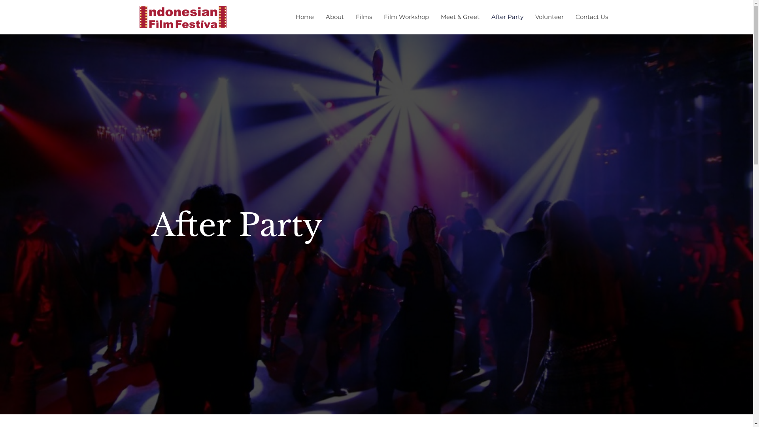 This screenshot has height=427, width=759. What do you see at coordinates (569, 17) in the screenshot?
I see `'Contact Us'` at bounding box center [569, 17].